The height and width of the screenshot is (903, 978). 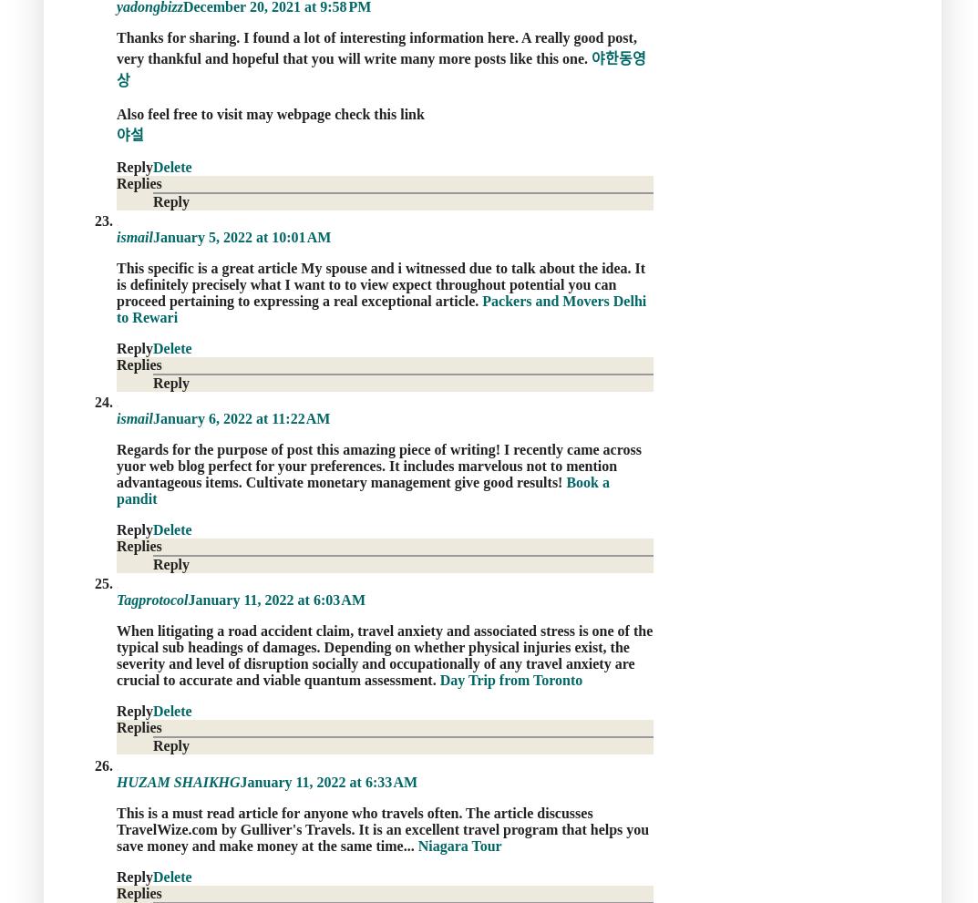 What do you see at coordinates (241, 236) in the screenshot?
I see `'January 5, 2022 at 10:01 AM'` at bounding box center [241, 236].